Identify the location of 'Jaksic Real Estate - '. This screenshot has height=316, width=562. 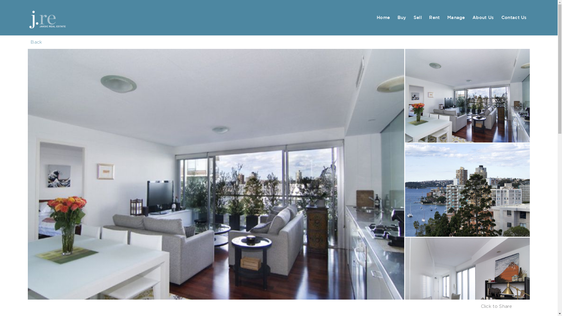
(58, 17).